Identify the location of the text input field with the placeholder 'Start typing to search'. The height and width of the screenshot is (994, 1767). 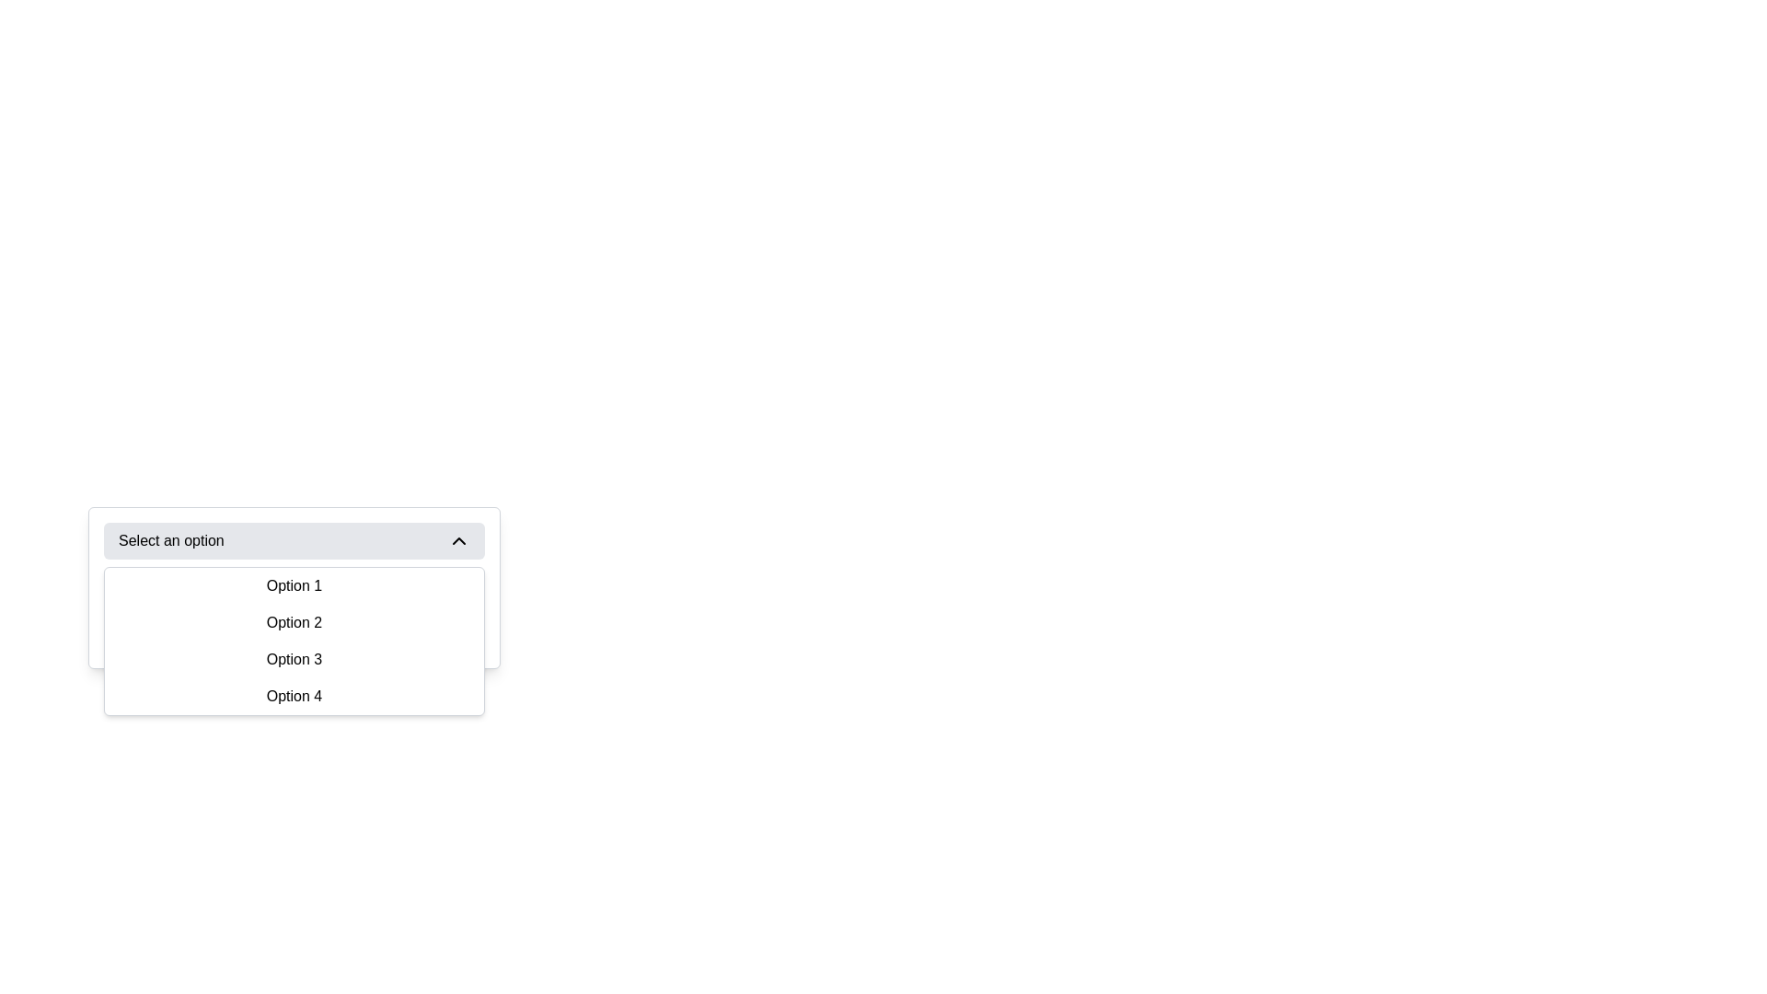
(306, 633).